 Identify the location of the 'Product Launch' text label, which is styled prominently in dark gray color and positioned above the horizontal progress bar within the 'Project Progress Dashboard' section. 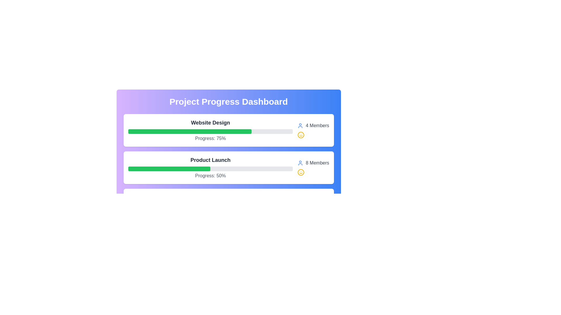
(210, 160).